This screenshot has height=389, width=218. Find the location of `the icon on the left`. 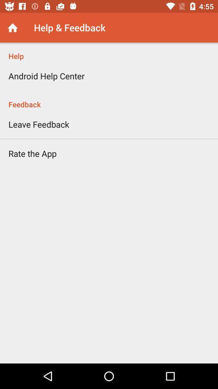

the icon on the left is located at coordinates (32, 153).